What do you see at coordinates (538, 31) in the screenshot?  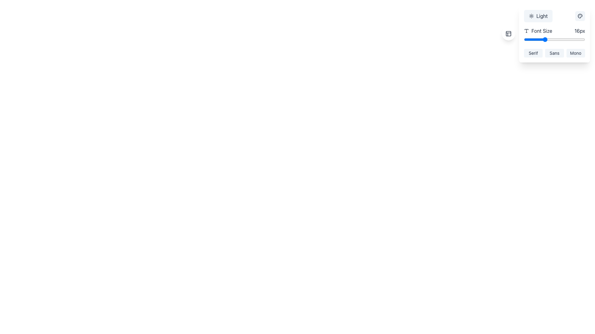 I see `the 'Font Size' label that includes an icon of a letter 'T' on its left side, located near the top-right part of the interface` at bounding box center [538, 31].